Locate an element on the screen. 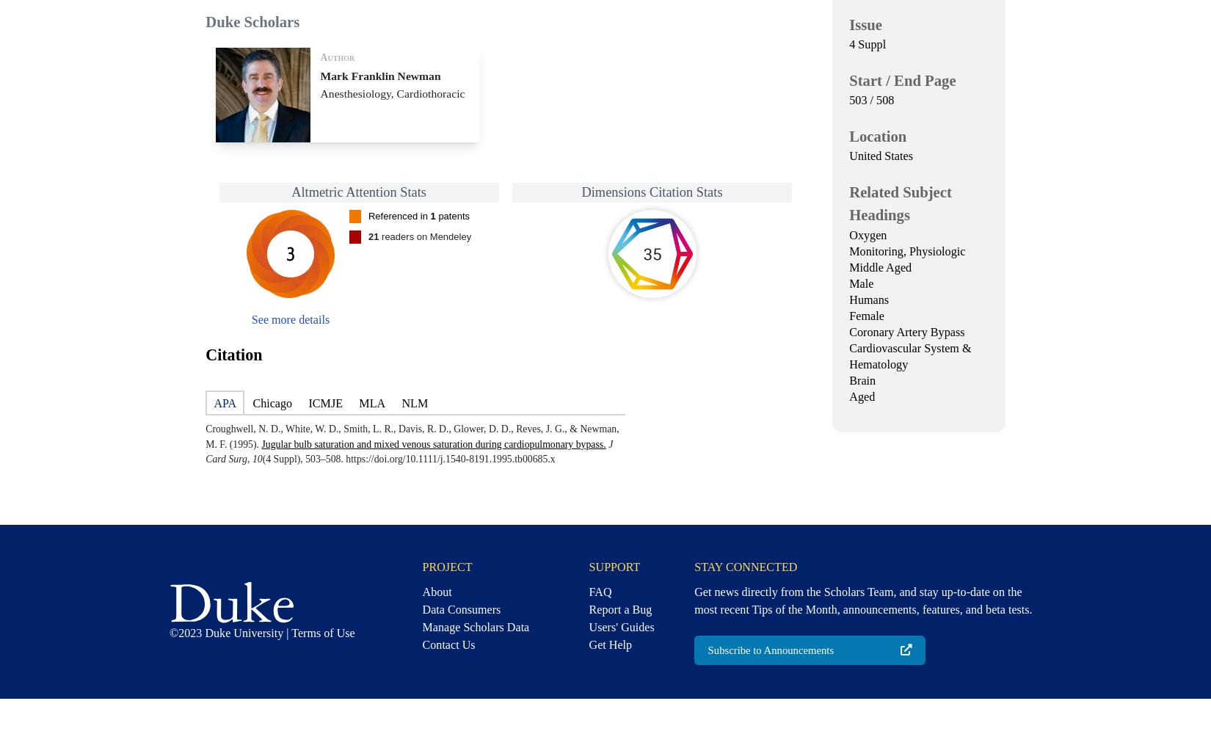  'Oxygen' is located at coordinates (848, 234).